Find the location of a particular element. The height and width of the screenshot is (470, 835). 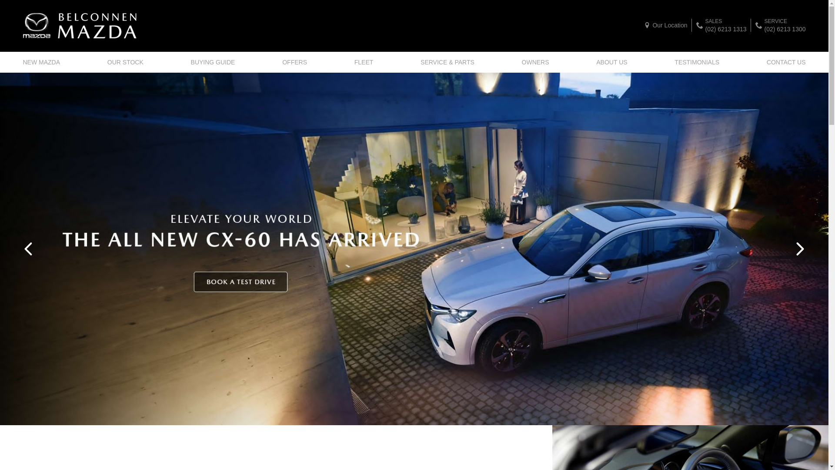

'OFFERS' is located at coordinates (294, 61).